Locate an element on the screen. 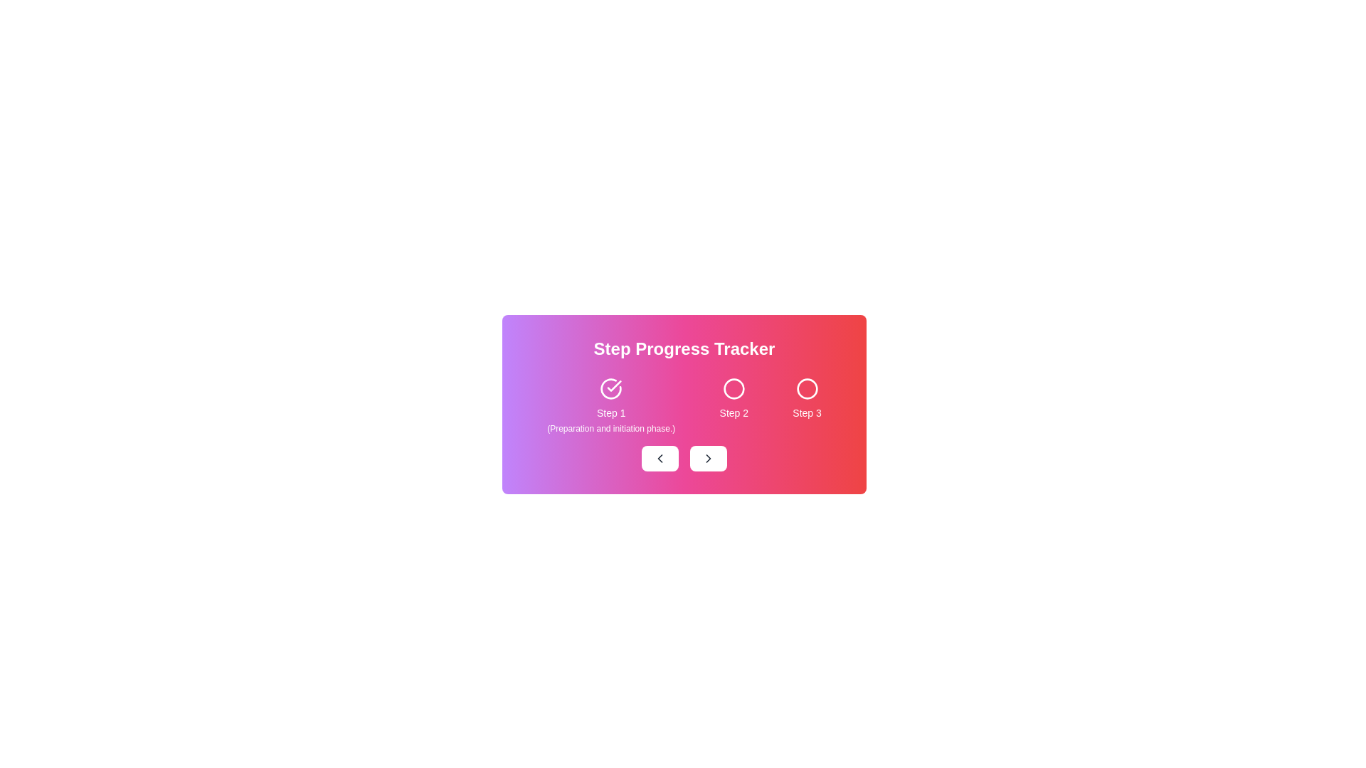  the left-pointing chevron icon inside the rounded rectangular button below the 'Step Progress Tracker' header is located at coordinates (659, 458).